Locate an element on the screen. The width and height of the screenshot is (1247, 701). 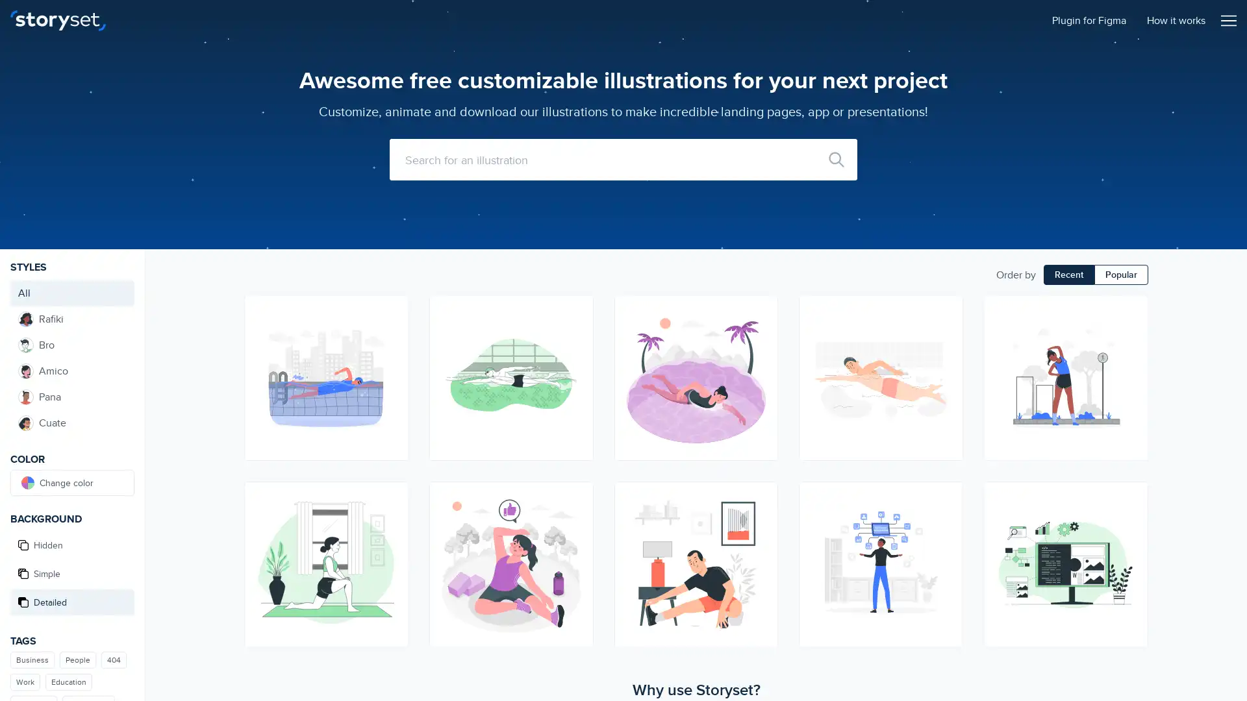
Simple is located at coordinates (71, 572).